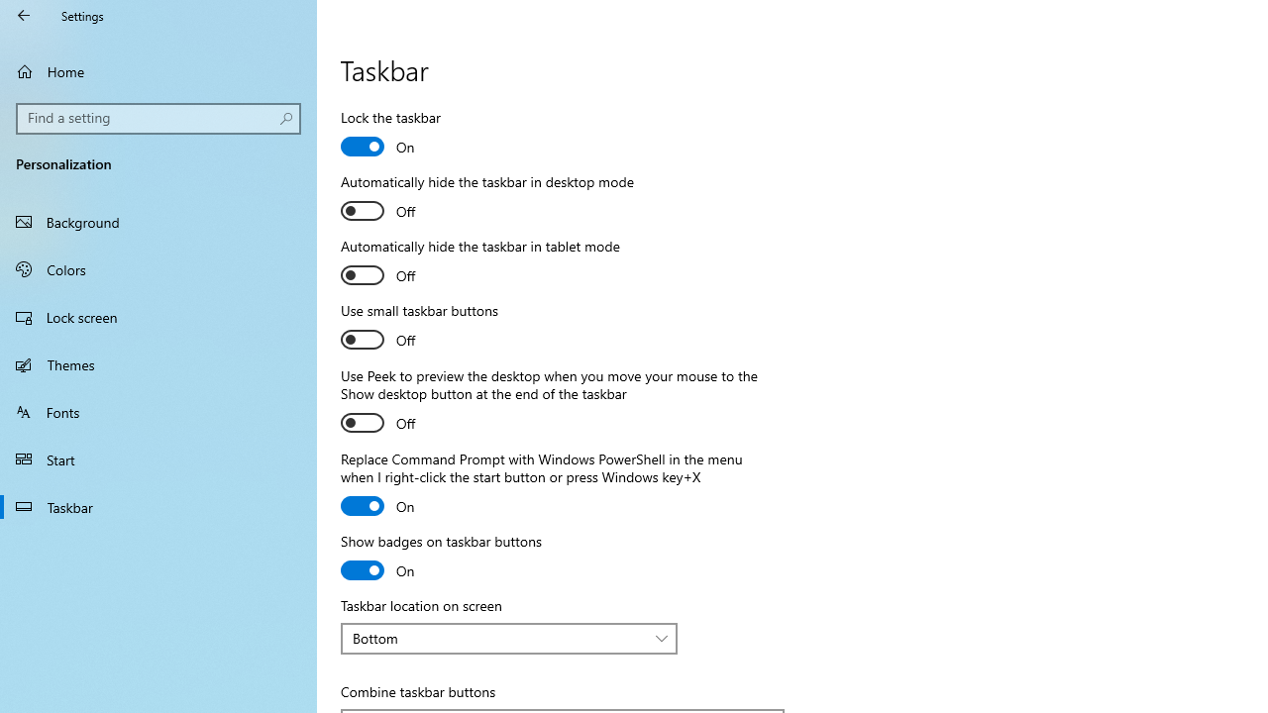 The image size is (1268, 713). I want to click on 'Bottom', so click(498, 638).